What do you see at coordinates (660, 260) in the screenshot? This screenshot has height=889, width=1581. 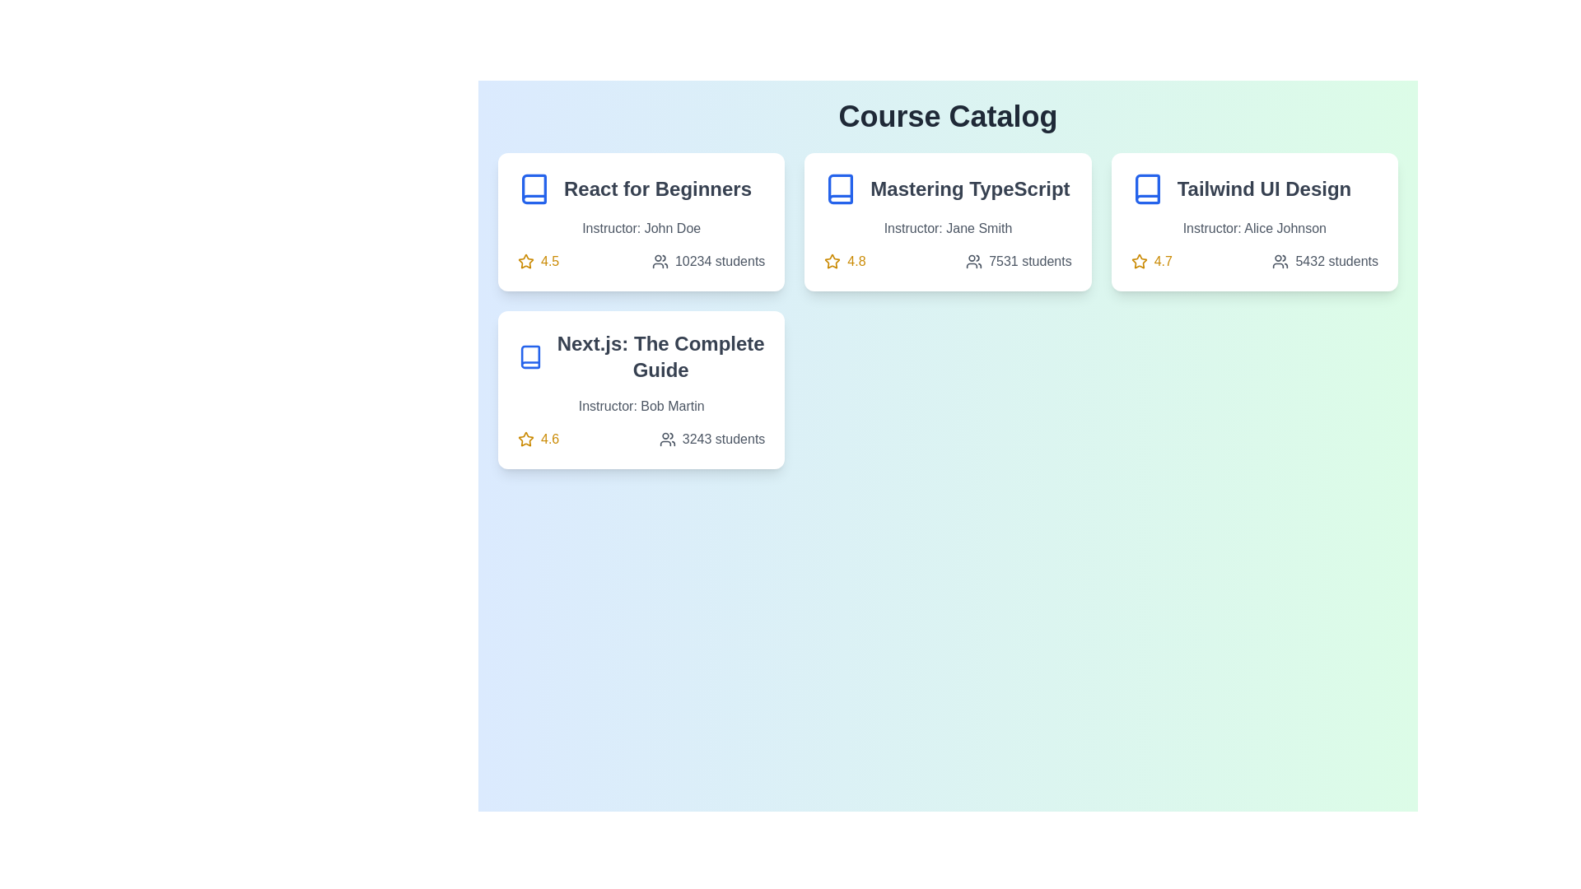 I see `the icon representing two abstracted figures, which indicates a group of people, located at the bottom left corner of the 'React for Beginners' course card` at bounding box center [660, 260].